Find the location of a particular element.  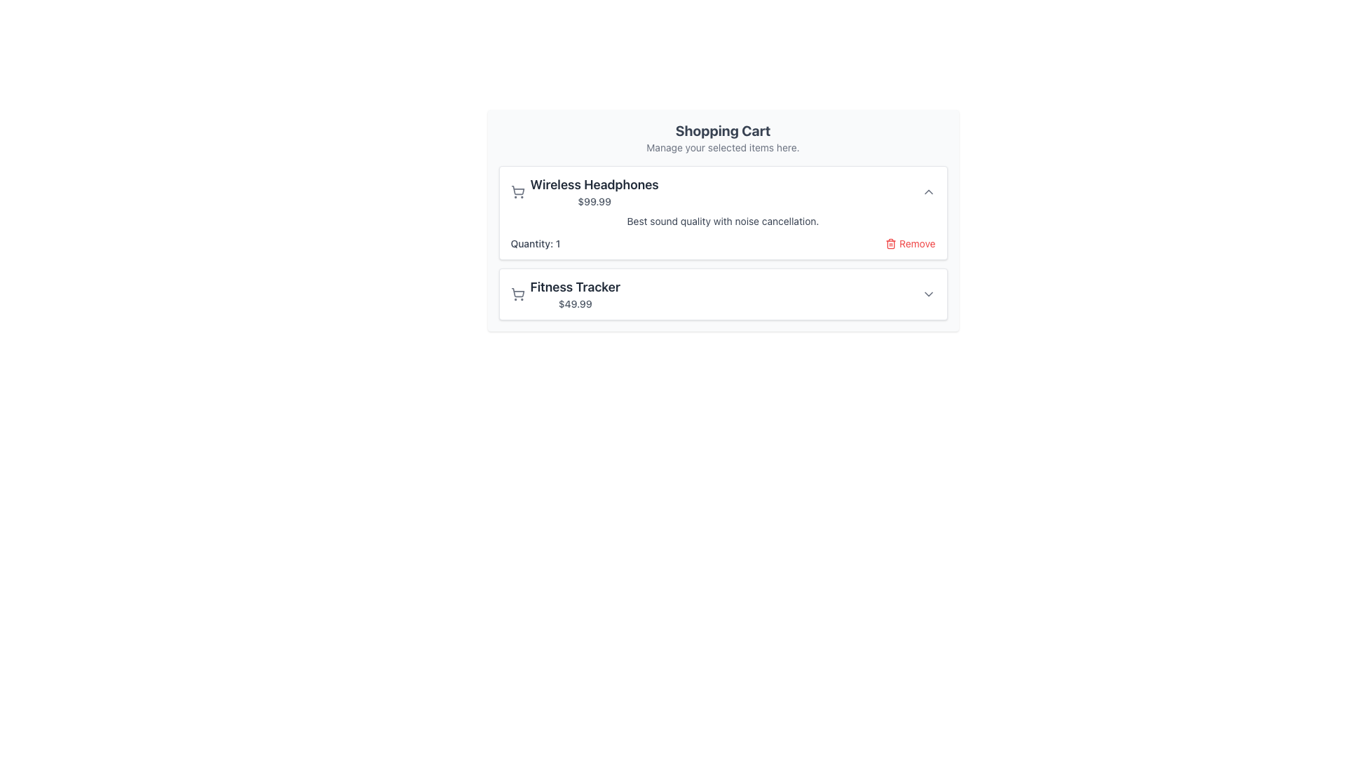

the Text Display Area displaying 'Fitness Tracker' with the price '$49.99' located in the lower row of the shopping cart list is located at coordinates (575, 294).